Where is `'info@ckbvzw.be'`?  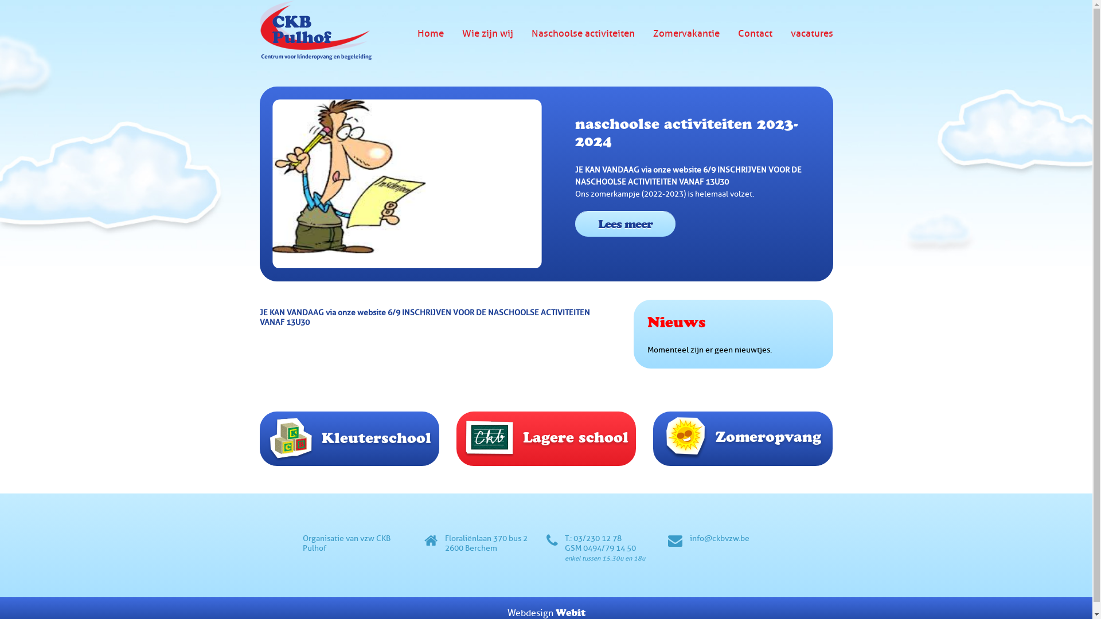
'info@ckbvzw.be' is located at coordinates (718, 538).